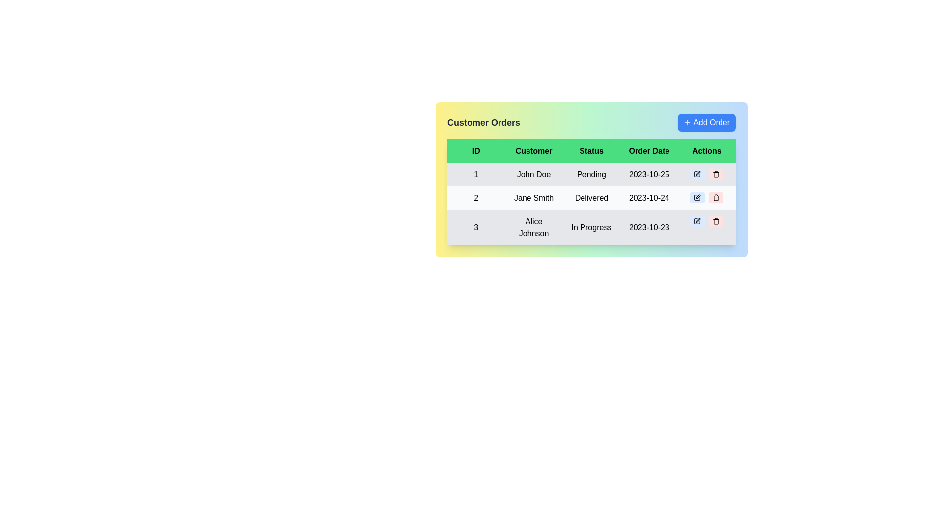 This screenshot has height=530, width=943. Describe the element at coordinates (591, 198) in the screenshot. I see `the second row in the 'Customer Orders' table` at that location.